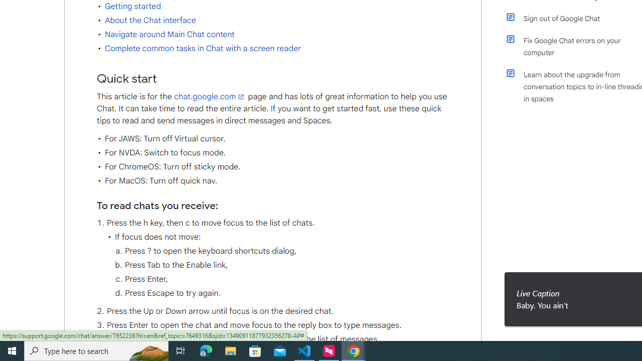 The width and height of the screenshot is (642, 361). I want to click on 'chat.google.com', so click(210, 96).